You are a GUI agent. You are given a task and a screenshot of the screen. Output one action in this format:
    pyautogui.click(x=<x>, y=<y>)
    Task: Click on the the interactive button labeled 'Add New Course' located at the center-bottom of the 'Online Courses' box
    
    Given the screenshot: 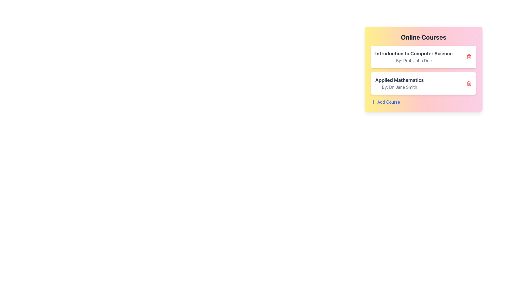 What is the action you would take?
    pyautogui.click(x=385, y=102)
    